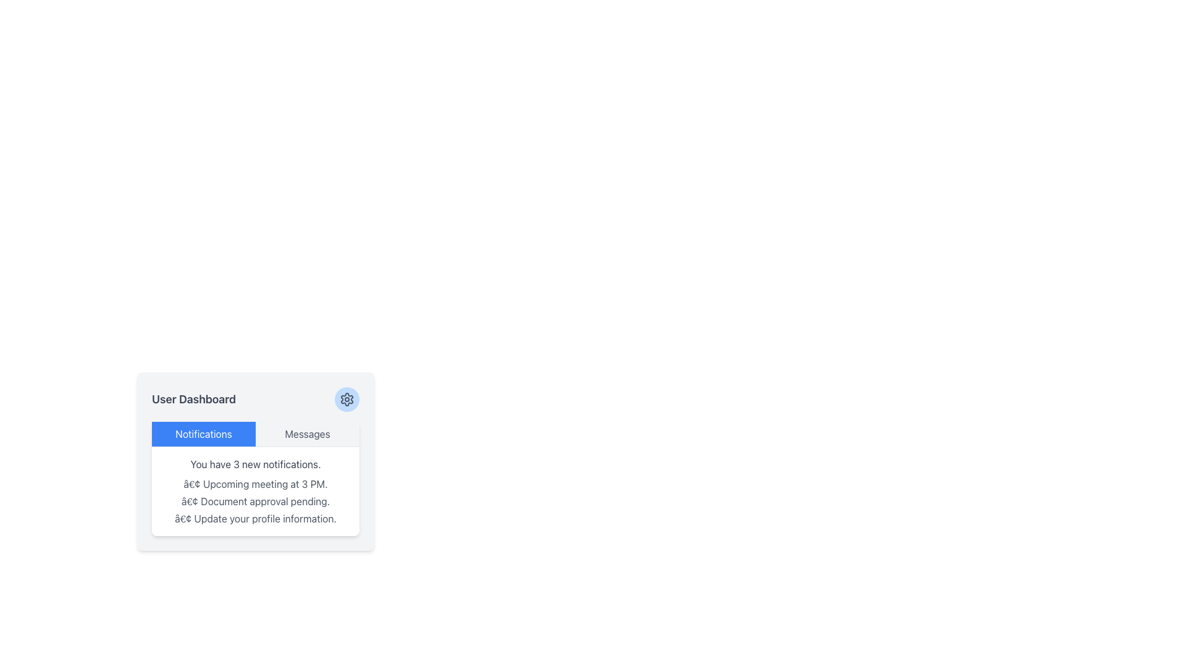  Describe the element at coordinates (346, 400) in the screenshot. I see `the settings icon located at the top-right corner of the user dashboard` at that location.